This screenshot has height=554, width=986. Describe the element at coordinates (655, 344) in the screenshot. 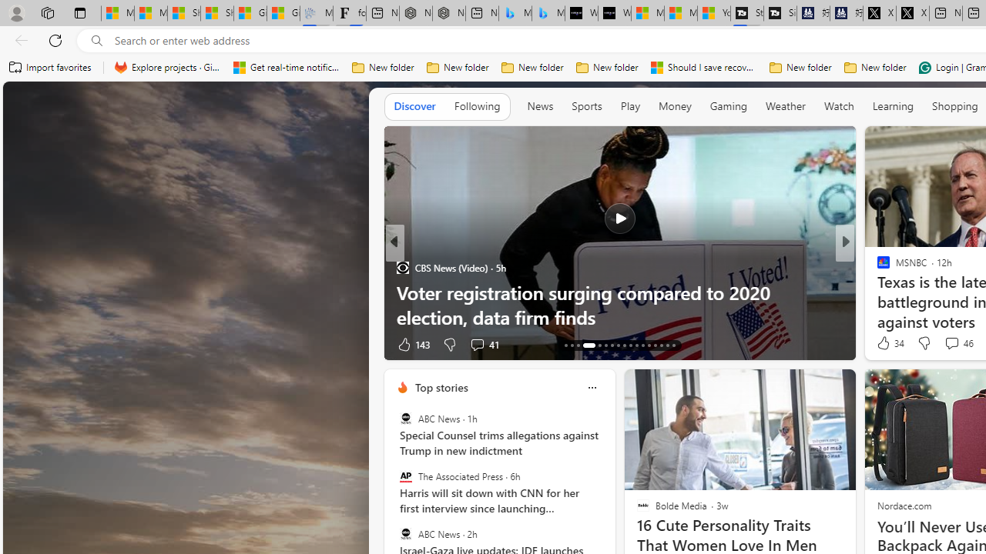

I see `'AutomationID: tab-39'` at that location.